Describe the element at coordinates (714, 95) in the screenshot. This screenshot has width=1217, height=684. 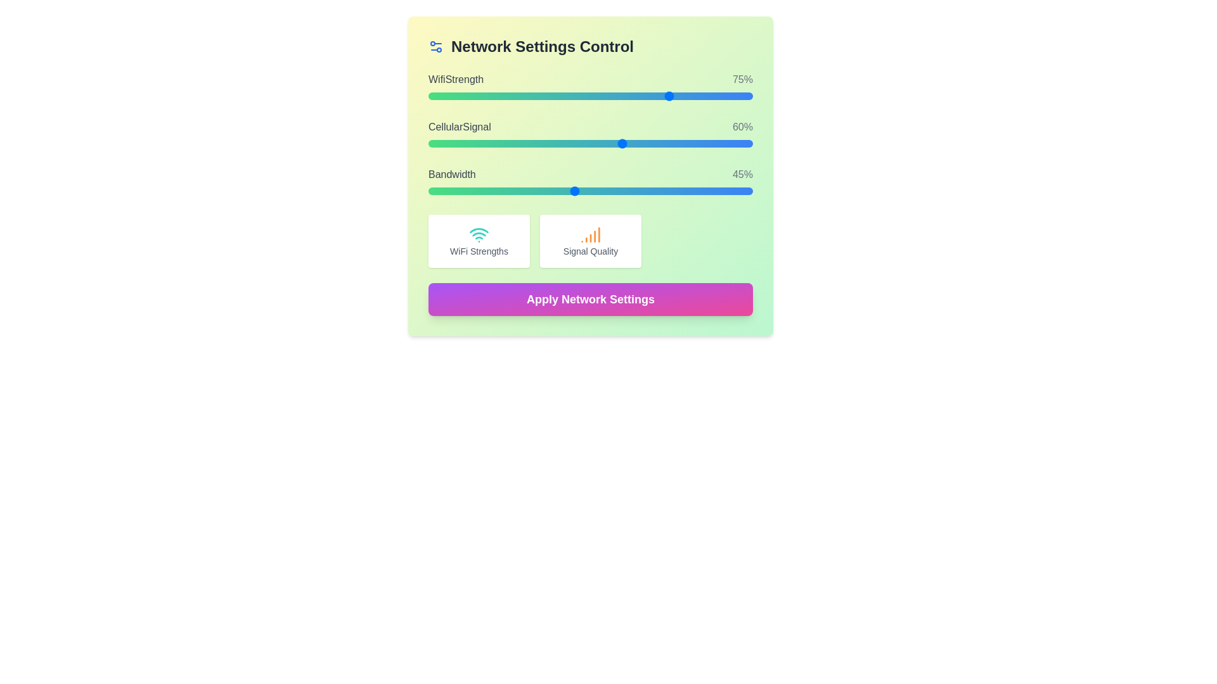
I see `WiFi strength` at that location.